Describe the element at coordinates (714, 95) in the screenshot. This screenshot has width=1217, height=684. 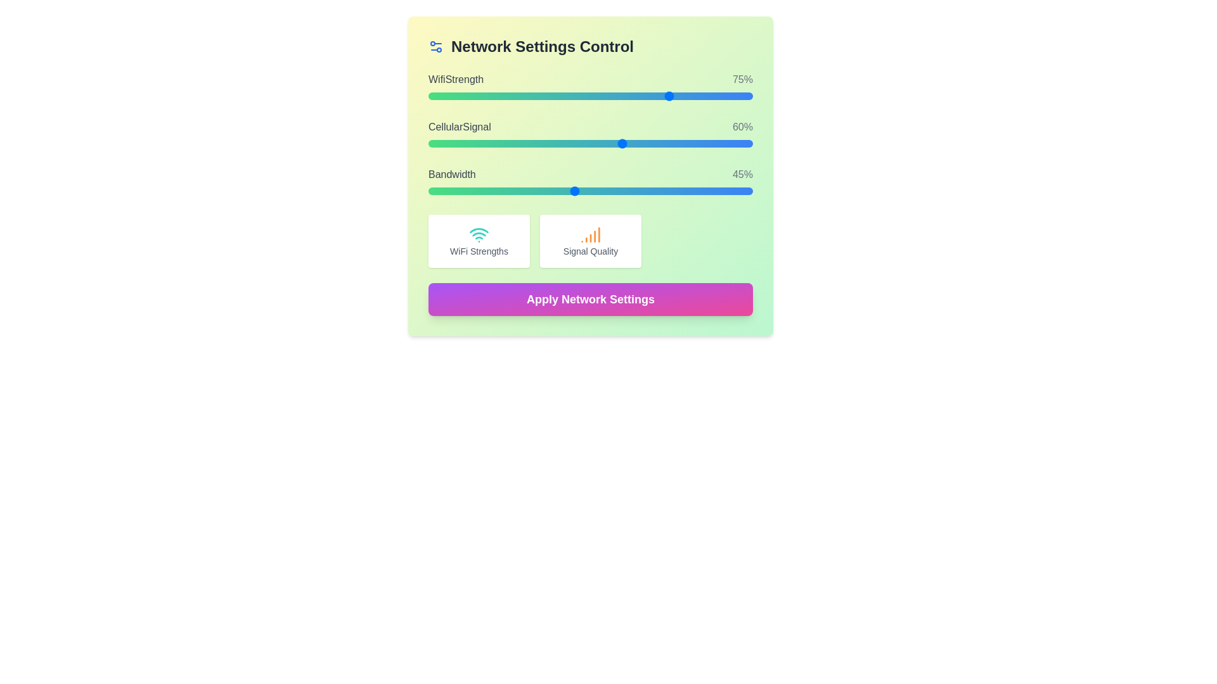
I see `WiFi strength` at that location.